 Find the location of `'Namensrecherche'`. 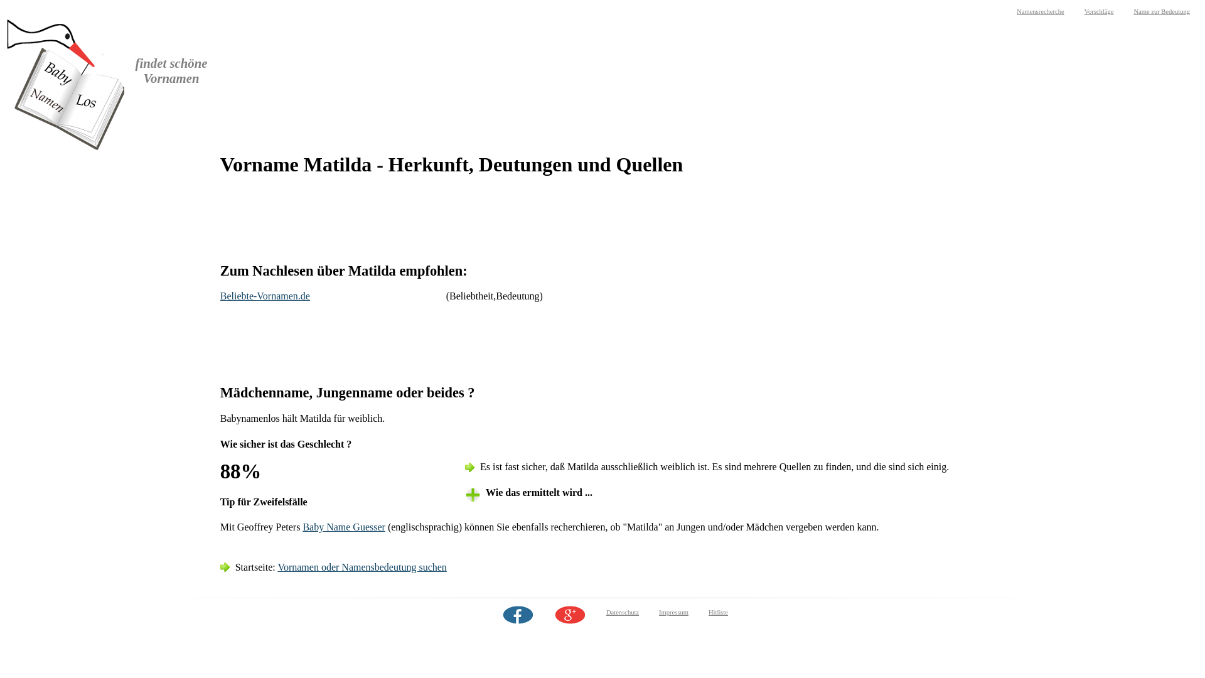

'Namensrecherche' is located at coordinates (1040, 11).